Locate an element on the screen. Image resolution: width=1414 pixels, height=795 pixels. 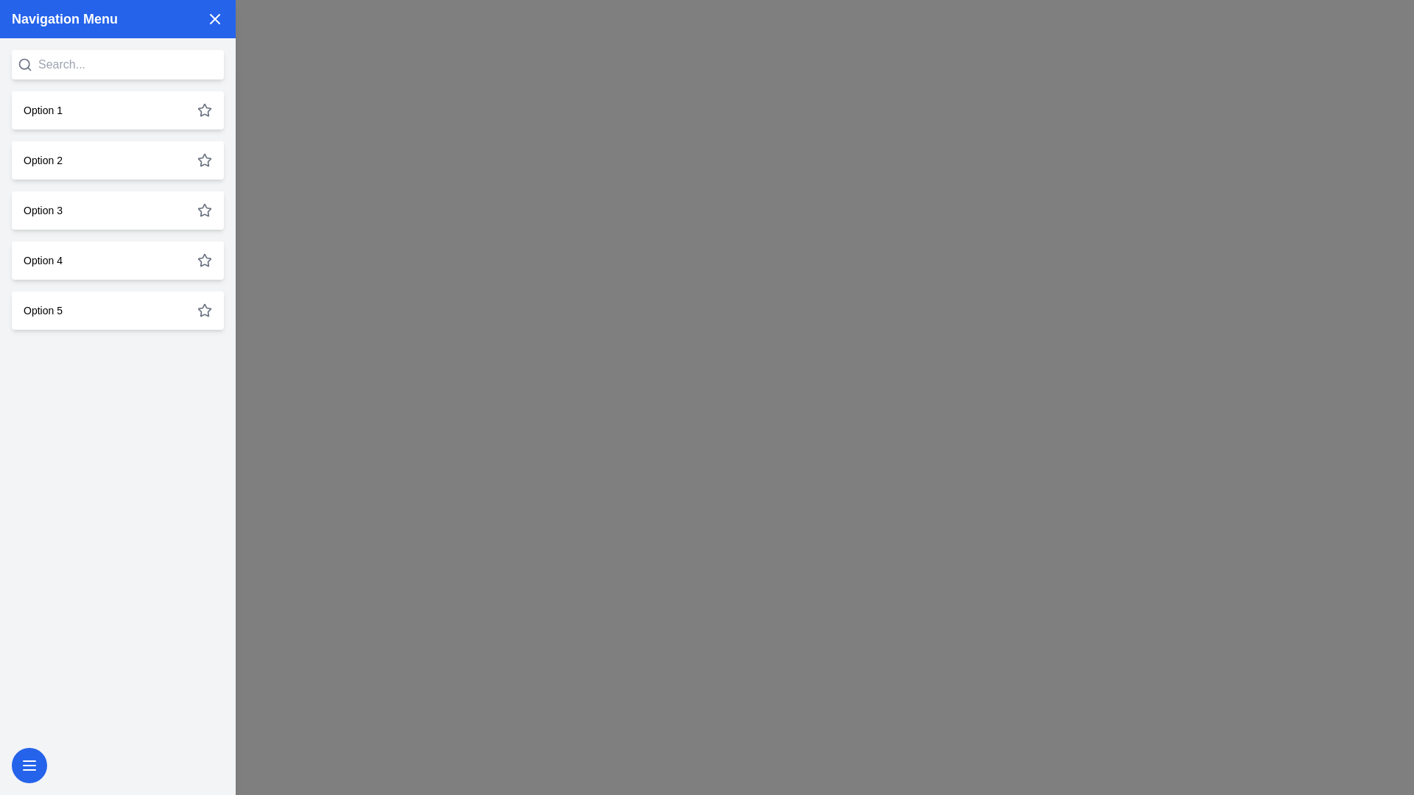
the 'Option 4' text label within the menu is located at coordinates (43, 260).